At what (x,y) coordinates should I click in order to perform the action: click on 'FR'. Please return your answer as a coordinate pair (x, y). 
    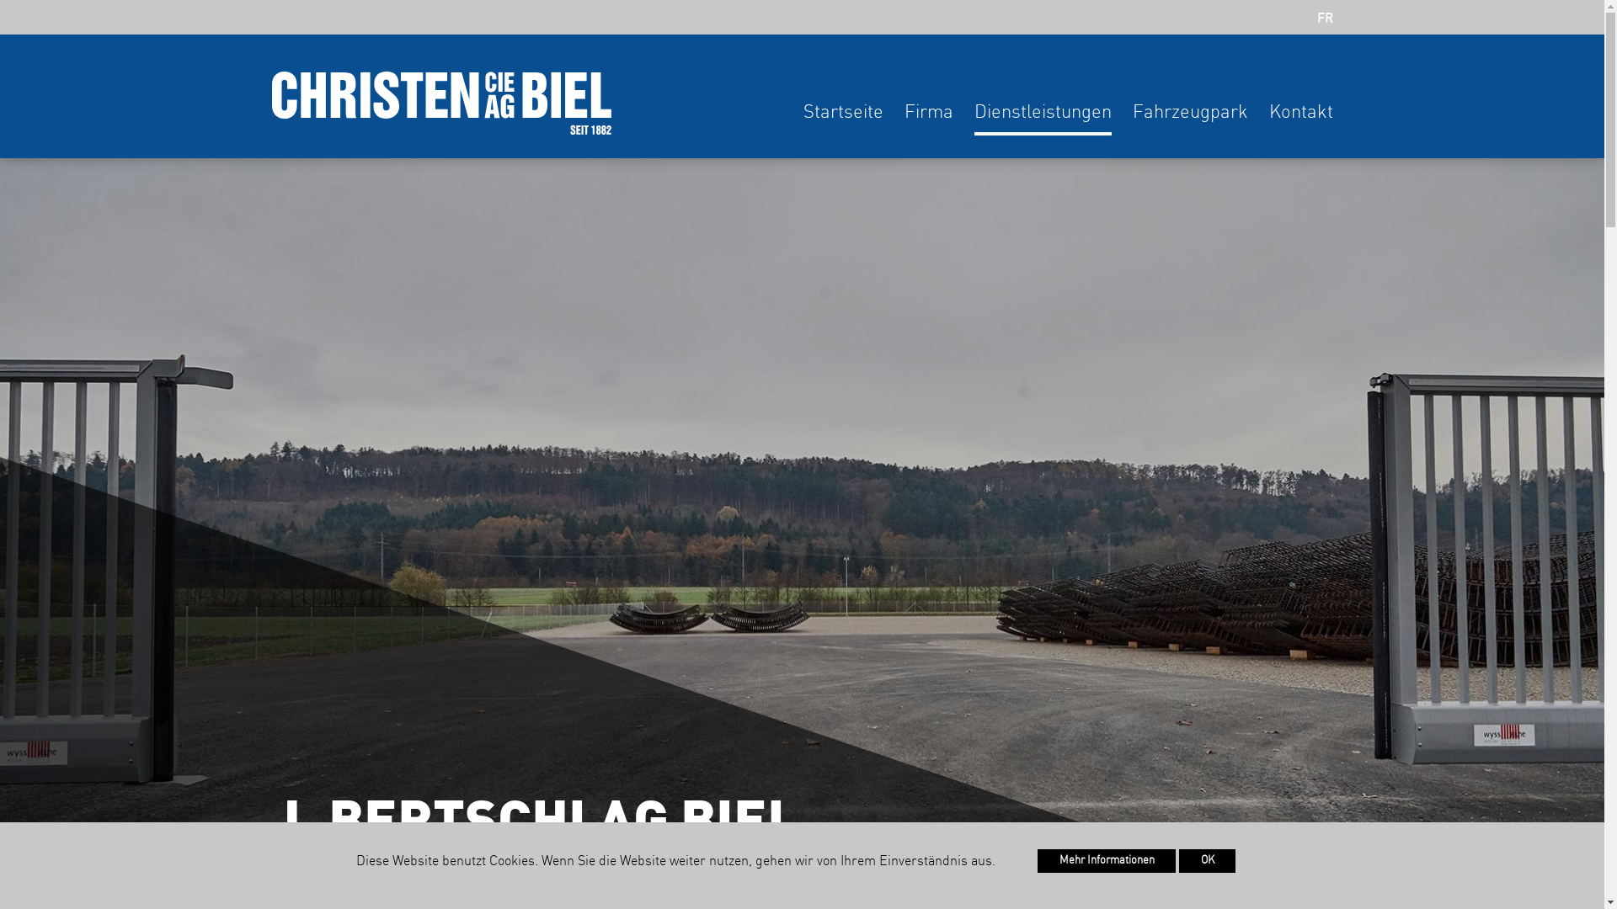
    Looking at the image, I should click on (1324, 19).